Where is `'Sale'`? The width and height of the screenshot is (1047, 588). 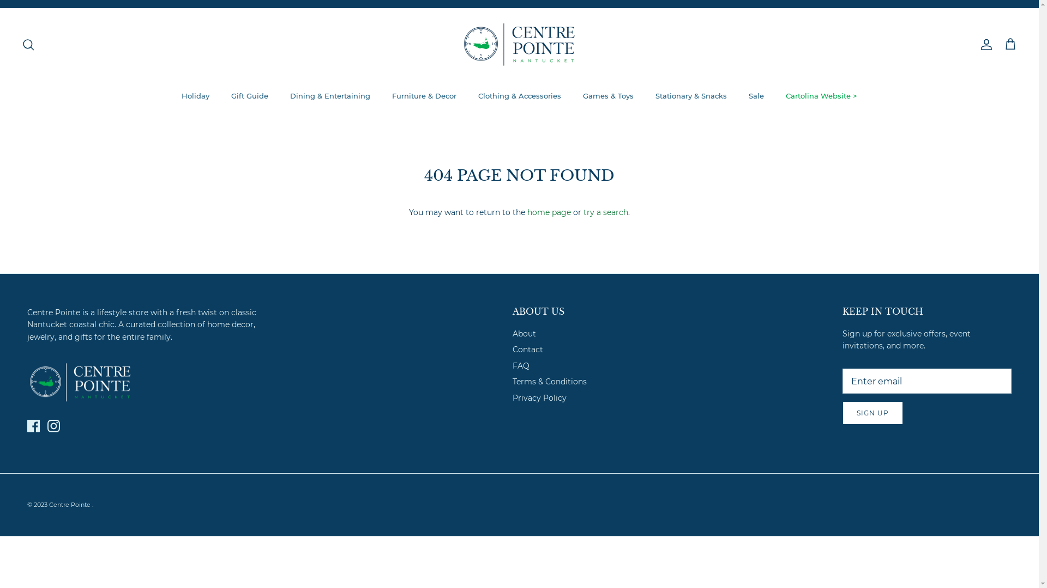 'Sale' is located at coordinates (756, 96).